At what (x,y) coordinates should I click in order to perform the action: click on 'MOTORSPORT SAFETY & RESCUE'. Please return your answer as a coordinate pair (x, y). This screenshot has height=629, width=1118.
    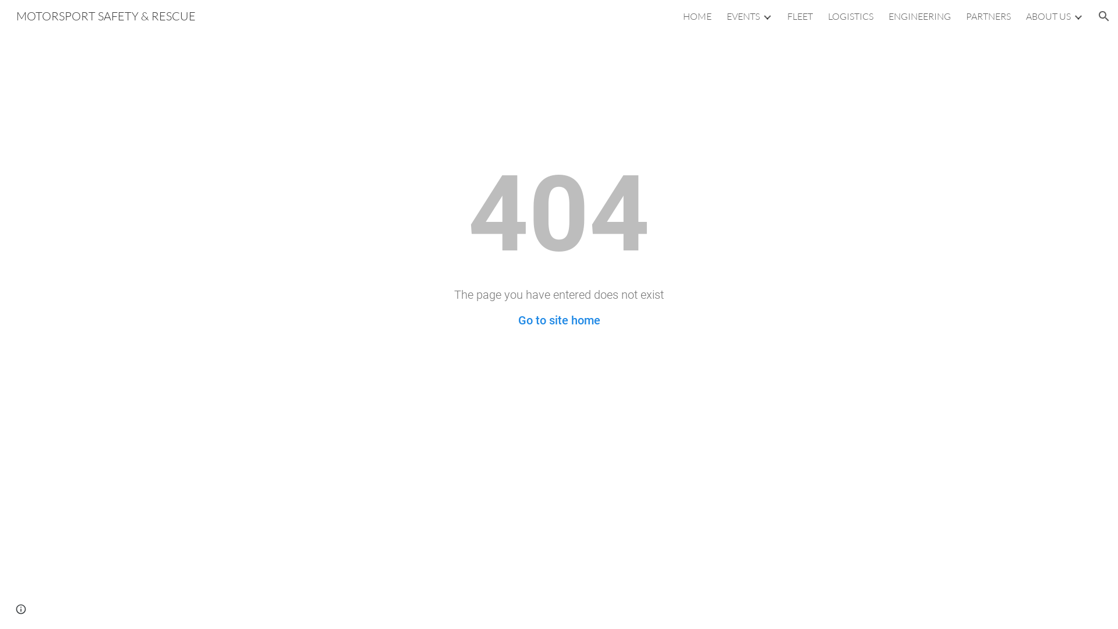
    Looking at the image, I should click on (106, 15).